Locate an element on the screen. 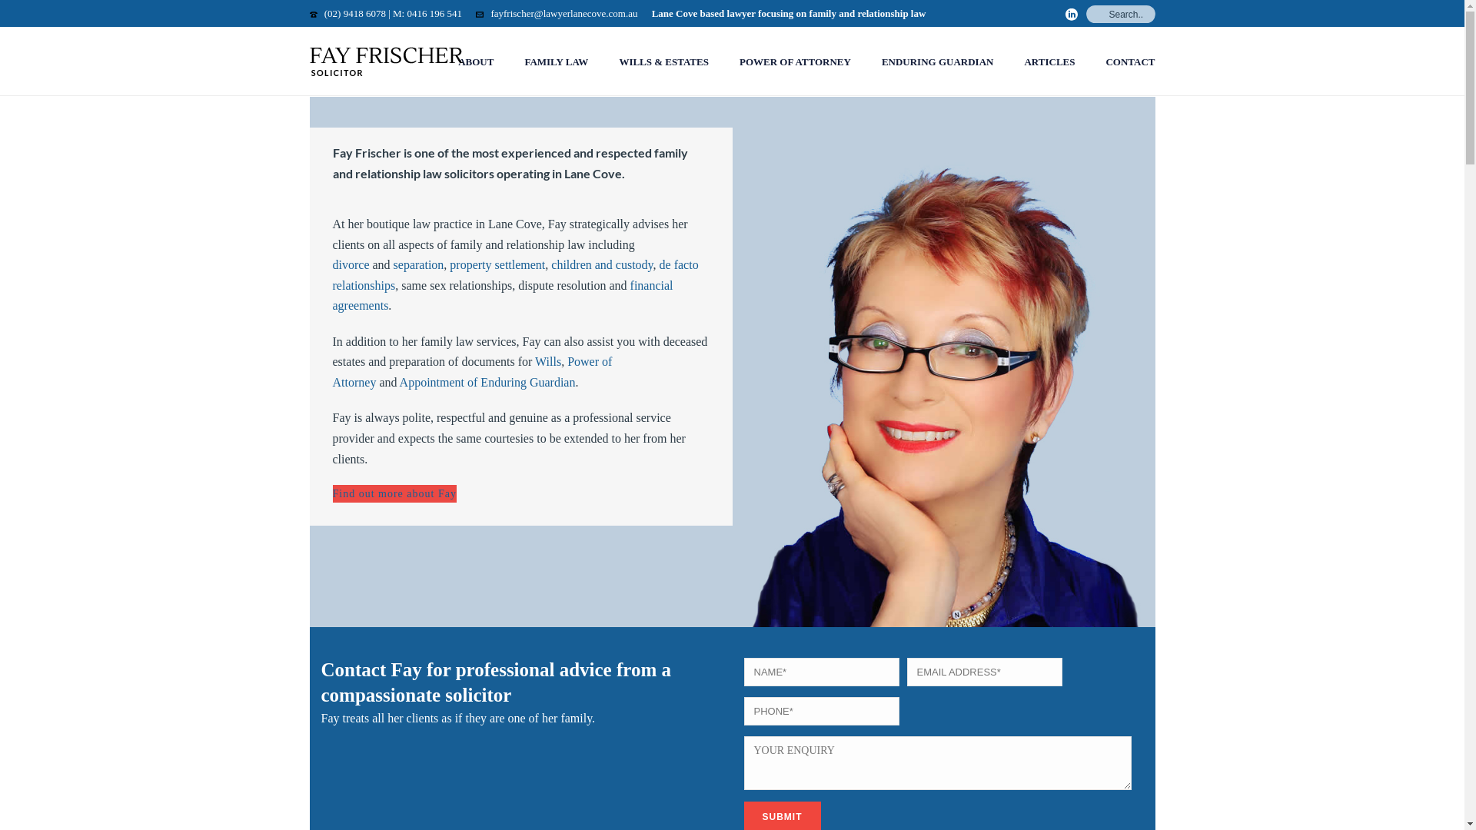  '(02) 9418 6078 | M: 0416 196 541' is located at coordinates (324, 13).